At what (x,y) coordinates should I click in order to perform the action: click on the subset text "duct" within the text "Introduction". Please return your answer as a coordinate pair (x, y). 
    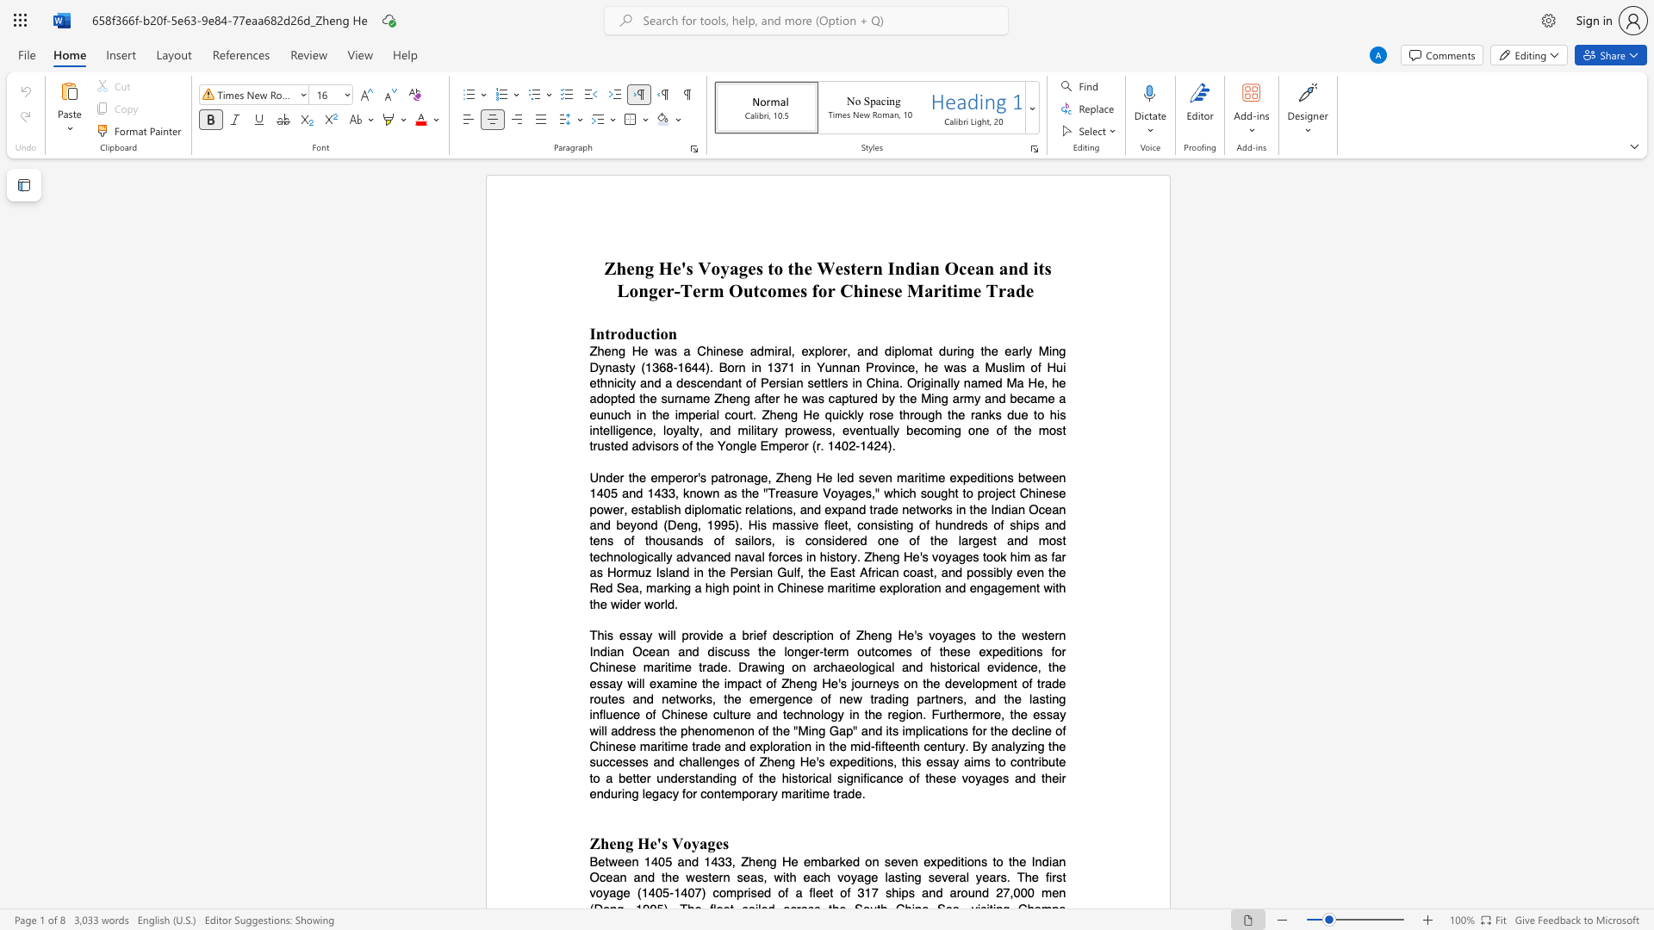
    Looking at the image, I should click on (624, 333).